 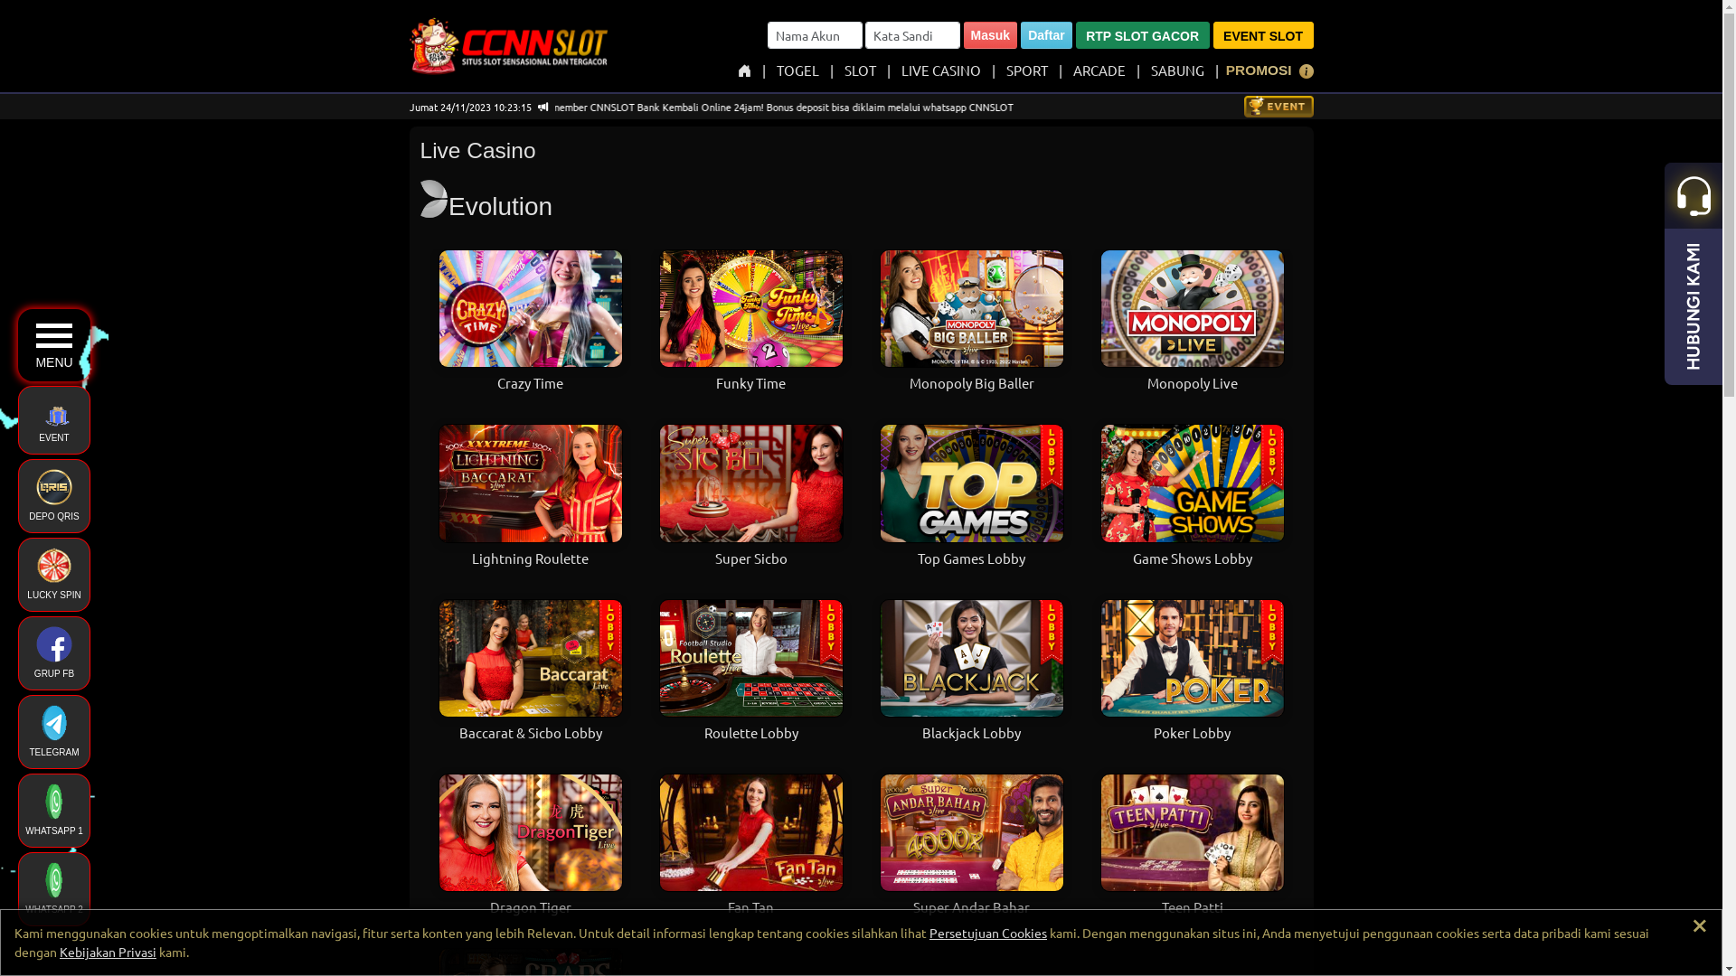 I want to click on 'SABUNG', so click(x=1177, y=69).